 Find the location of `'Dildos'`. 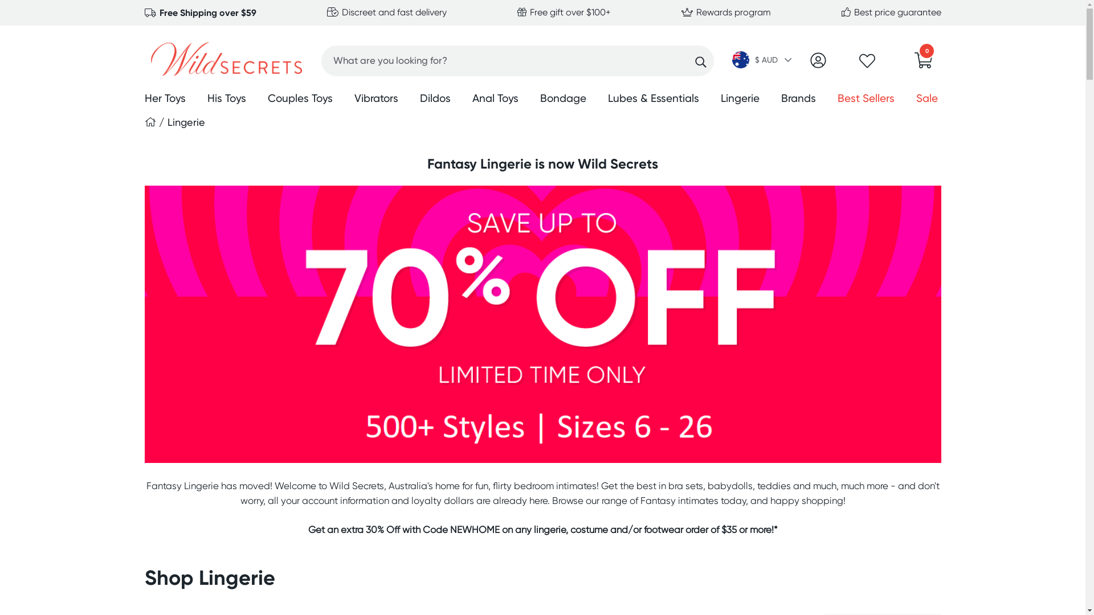

'Dildos' is located at coordinates (434, 99).